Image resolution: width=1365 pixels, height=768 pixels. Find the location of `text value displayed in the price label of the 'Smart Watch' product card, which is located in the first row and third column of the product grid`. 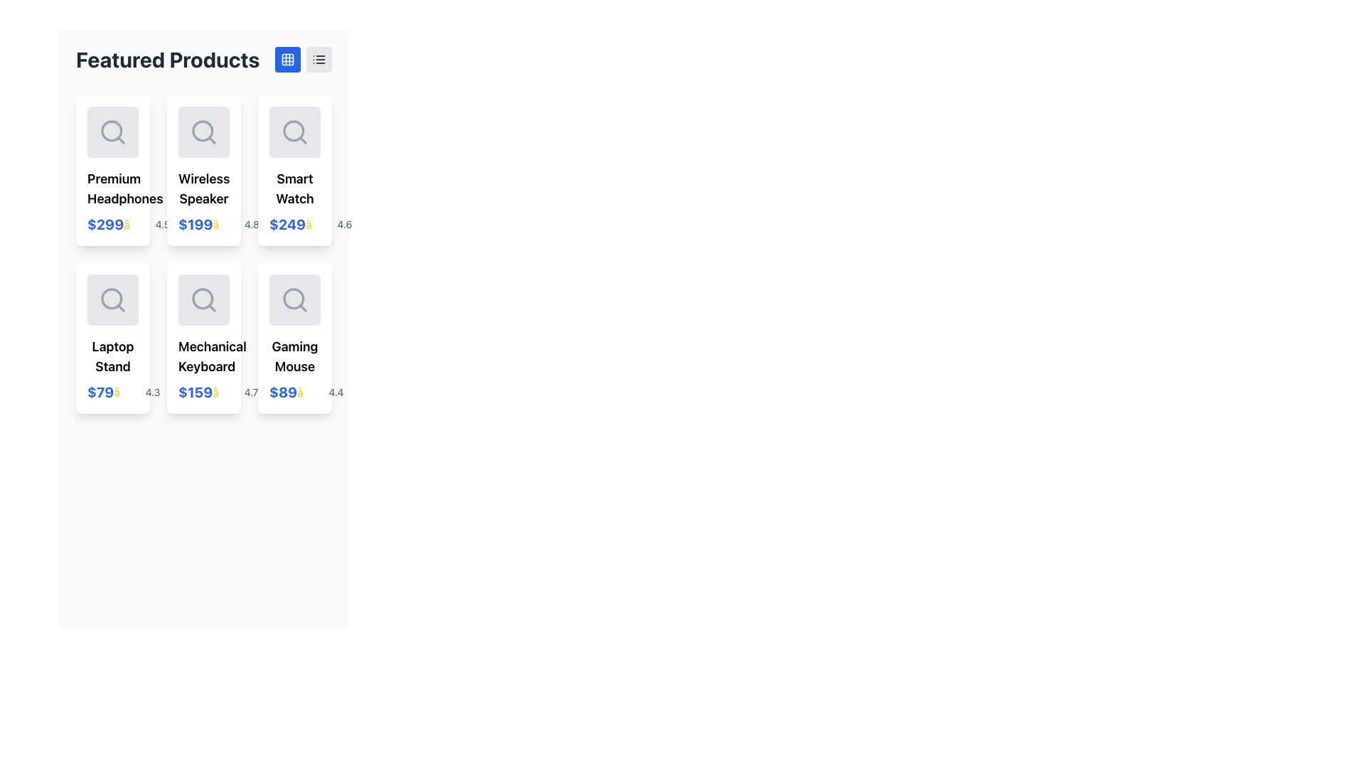

text value displayed in the price label of the 'Smart Watch' product card, which is located in the first row and third column of the product grid is located at coordinates (287, 224).